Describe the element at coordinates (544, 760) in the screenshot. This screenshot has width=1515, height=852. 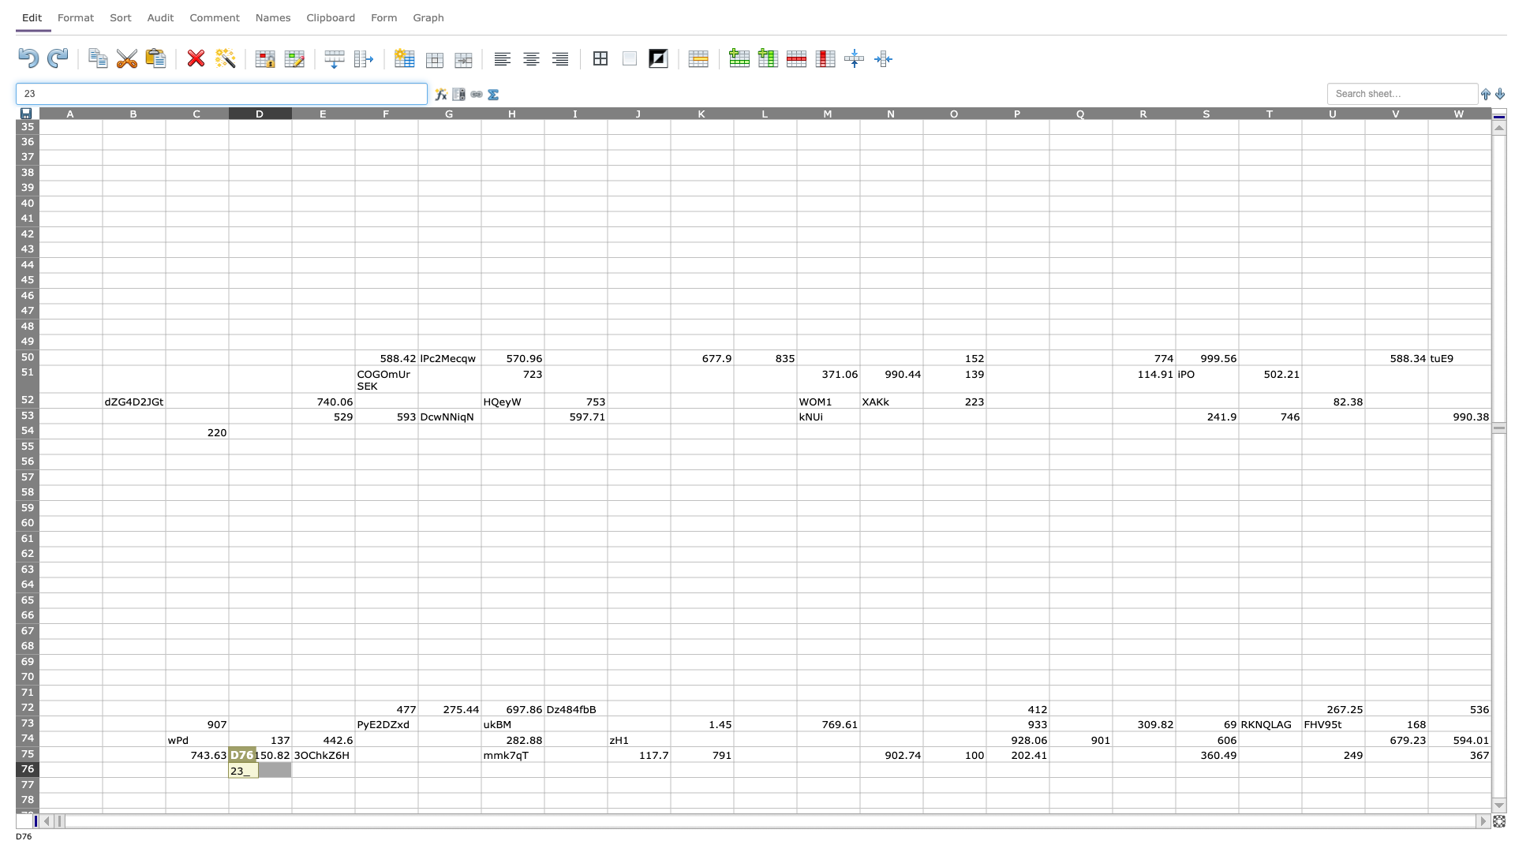
I see `Top left corner at position I76` at that location.